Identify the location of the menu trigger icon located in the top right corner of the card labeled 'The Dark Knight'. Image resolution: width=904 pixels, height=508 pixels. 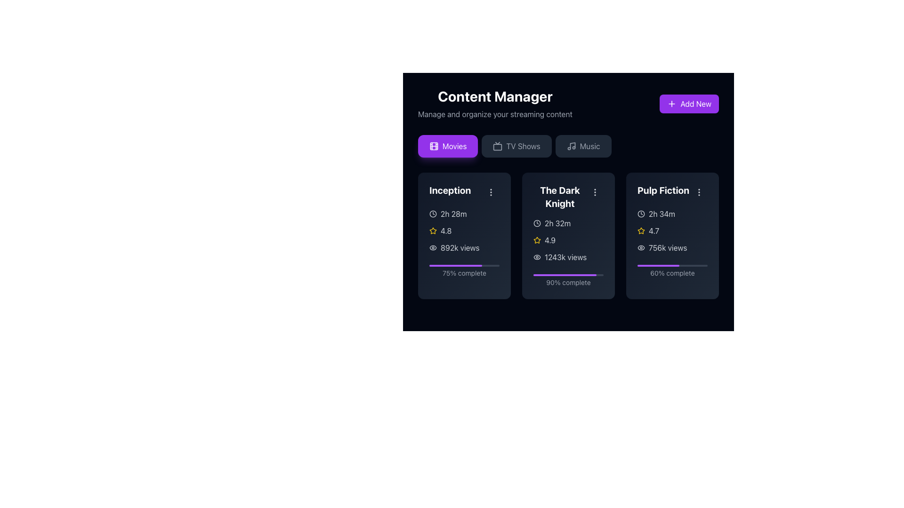
(594, 191).